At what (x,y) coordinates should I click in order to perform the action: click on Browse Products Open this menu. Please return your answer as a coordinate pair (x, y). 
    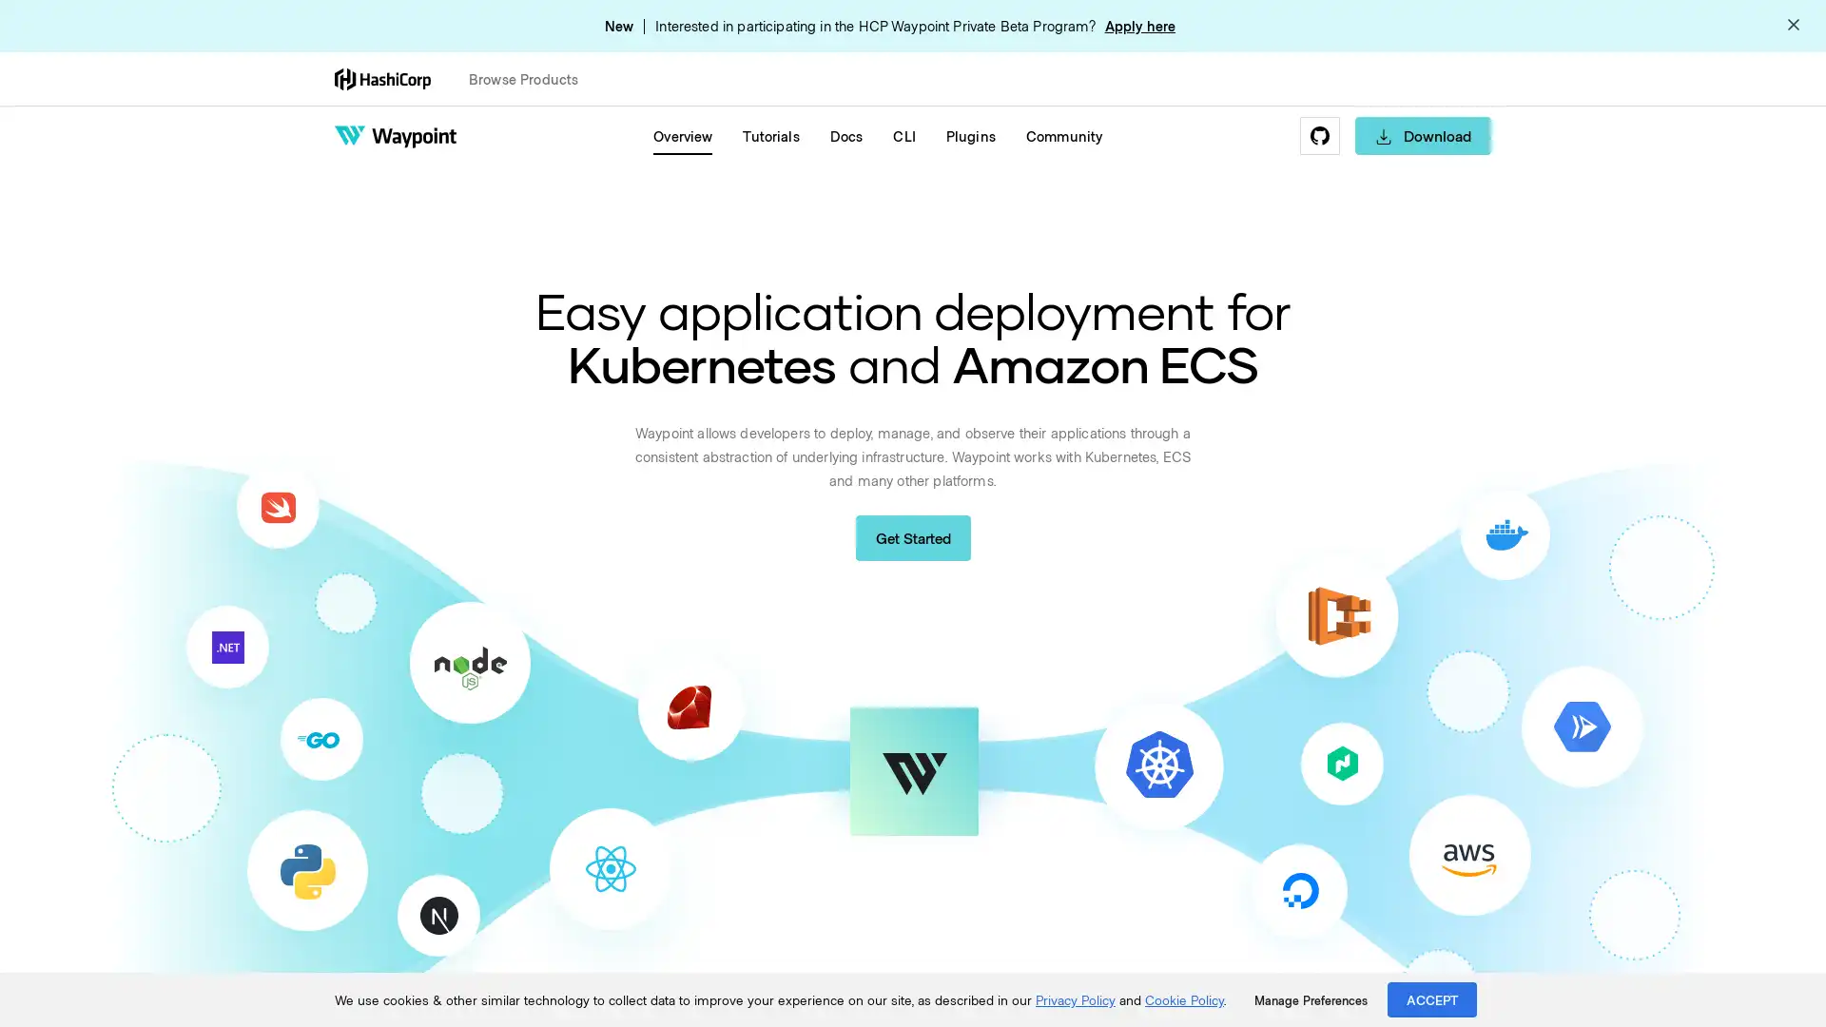
    Looking at the image, I should click on (532, 78).